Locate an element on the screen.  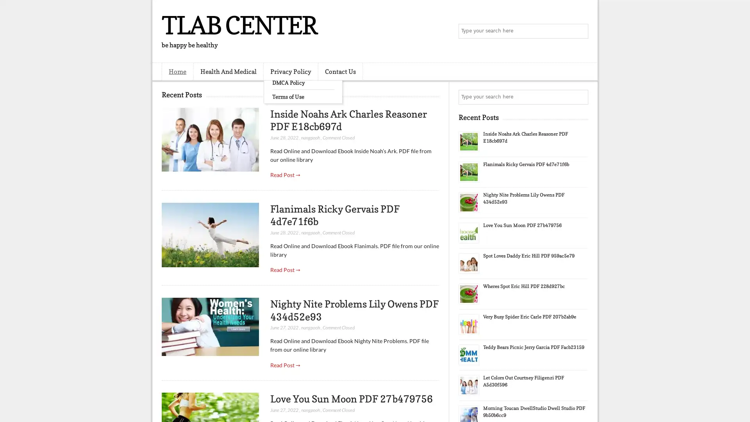
Search is located at coordinates (580, 31).